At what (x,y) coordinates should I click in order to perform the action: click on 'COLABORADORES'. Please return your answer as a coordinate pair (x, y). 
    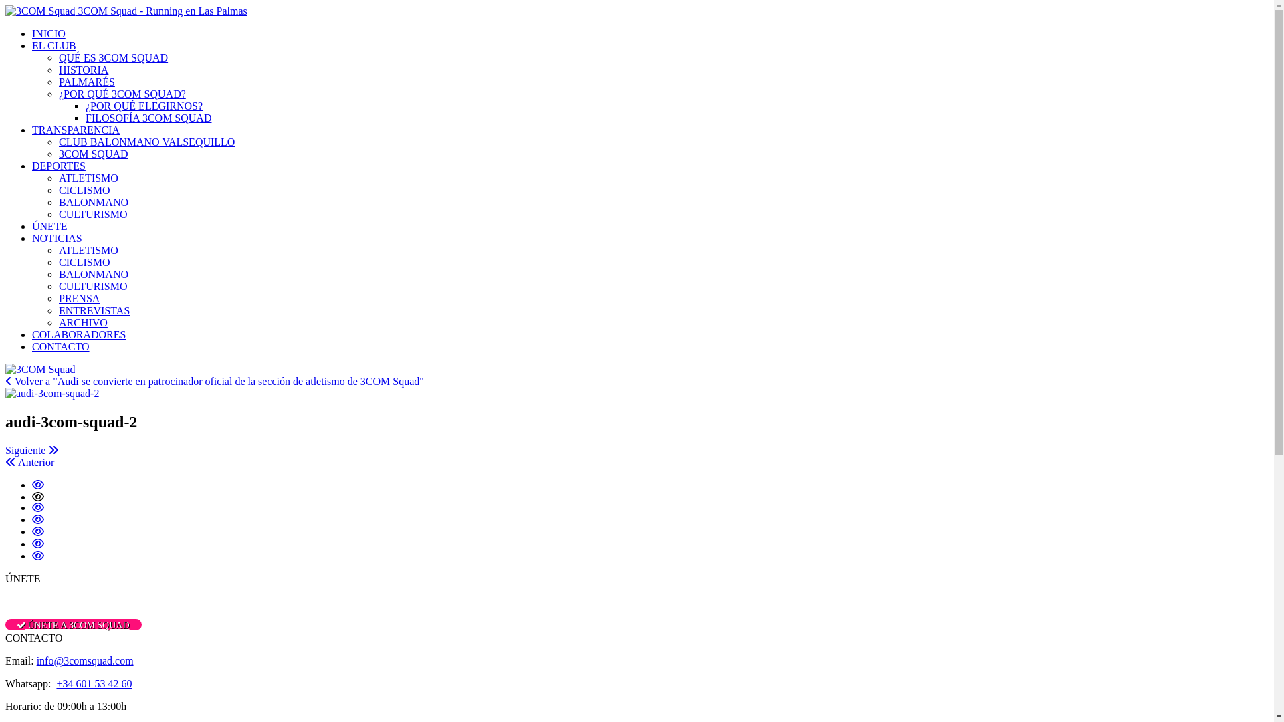
    Looking at the image, I should click on (78, 334).